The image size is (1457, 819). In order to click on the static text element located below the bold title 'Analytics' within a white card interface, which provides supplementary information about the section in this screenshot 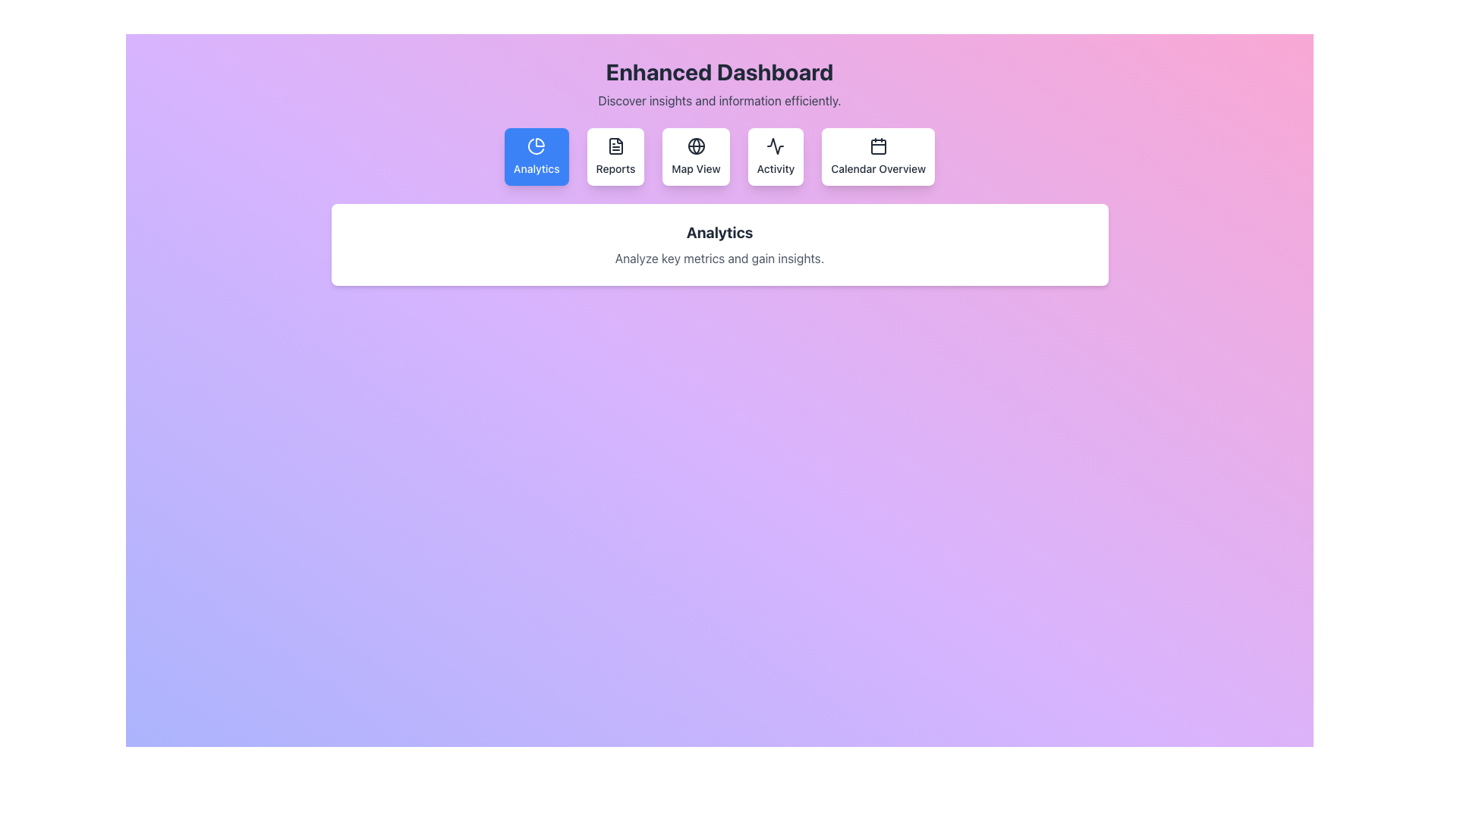, I will do `click(719, 257)`.